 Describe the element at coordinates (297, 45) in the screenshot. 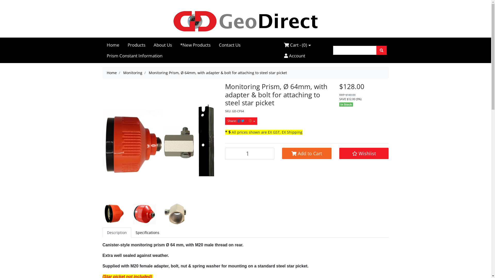

I see `'Cart - (0)'` at that location.